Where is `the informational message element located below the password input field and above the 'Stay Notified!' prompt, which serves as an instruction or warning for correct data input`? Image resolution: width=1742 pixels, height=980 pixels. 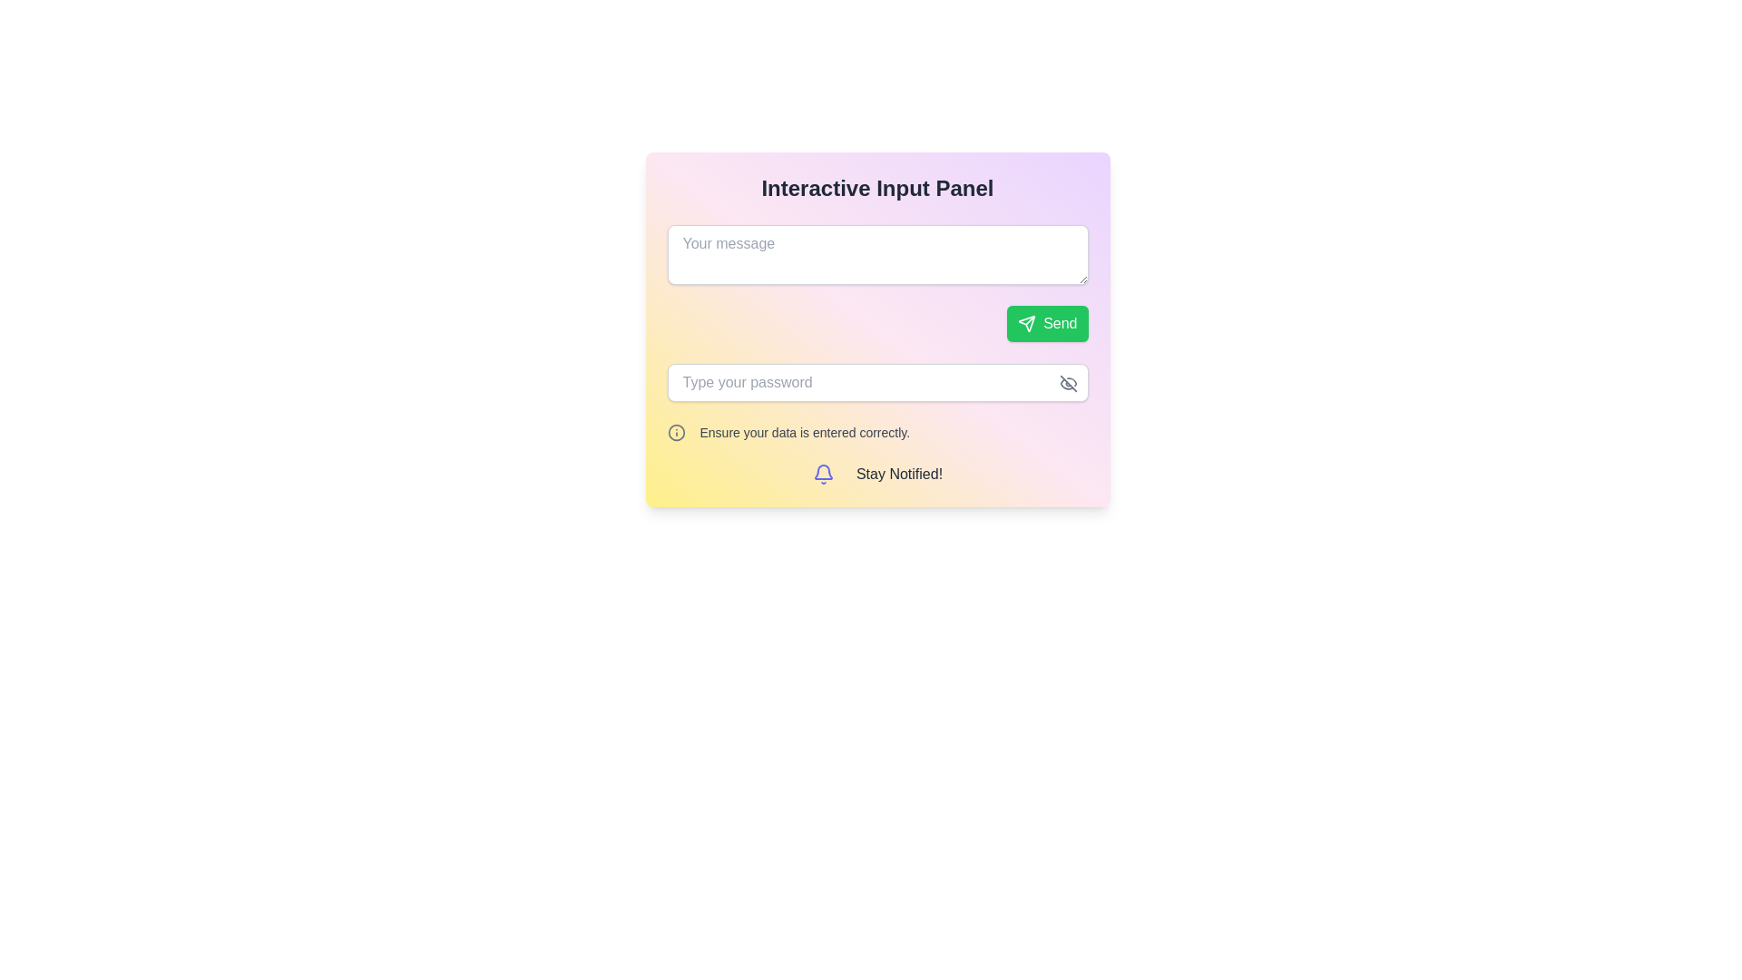 the informational message element located below the password input field and above the 'Stay Notified!' prompt, which serves as an instruction or warning for correct data input is located at coordinates (877, 433).